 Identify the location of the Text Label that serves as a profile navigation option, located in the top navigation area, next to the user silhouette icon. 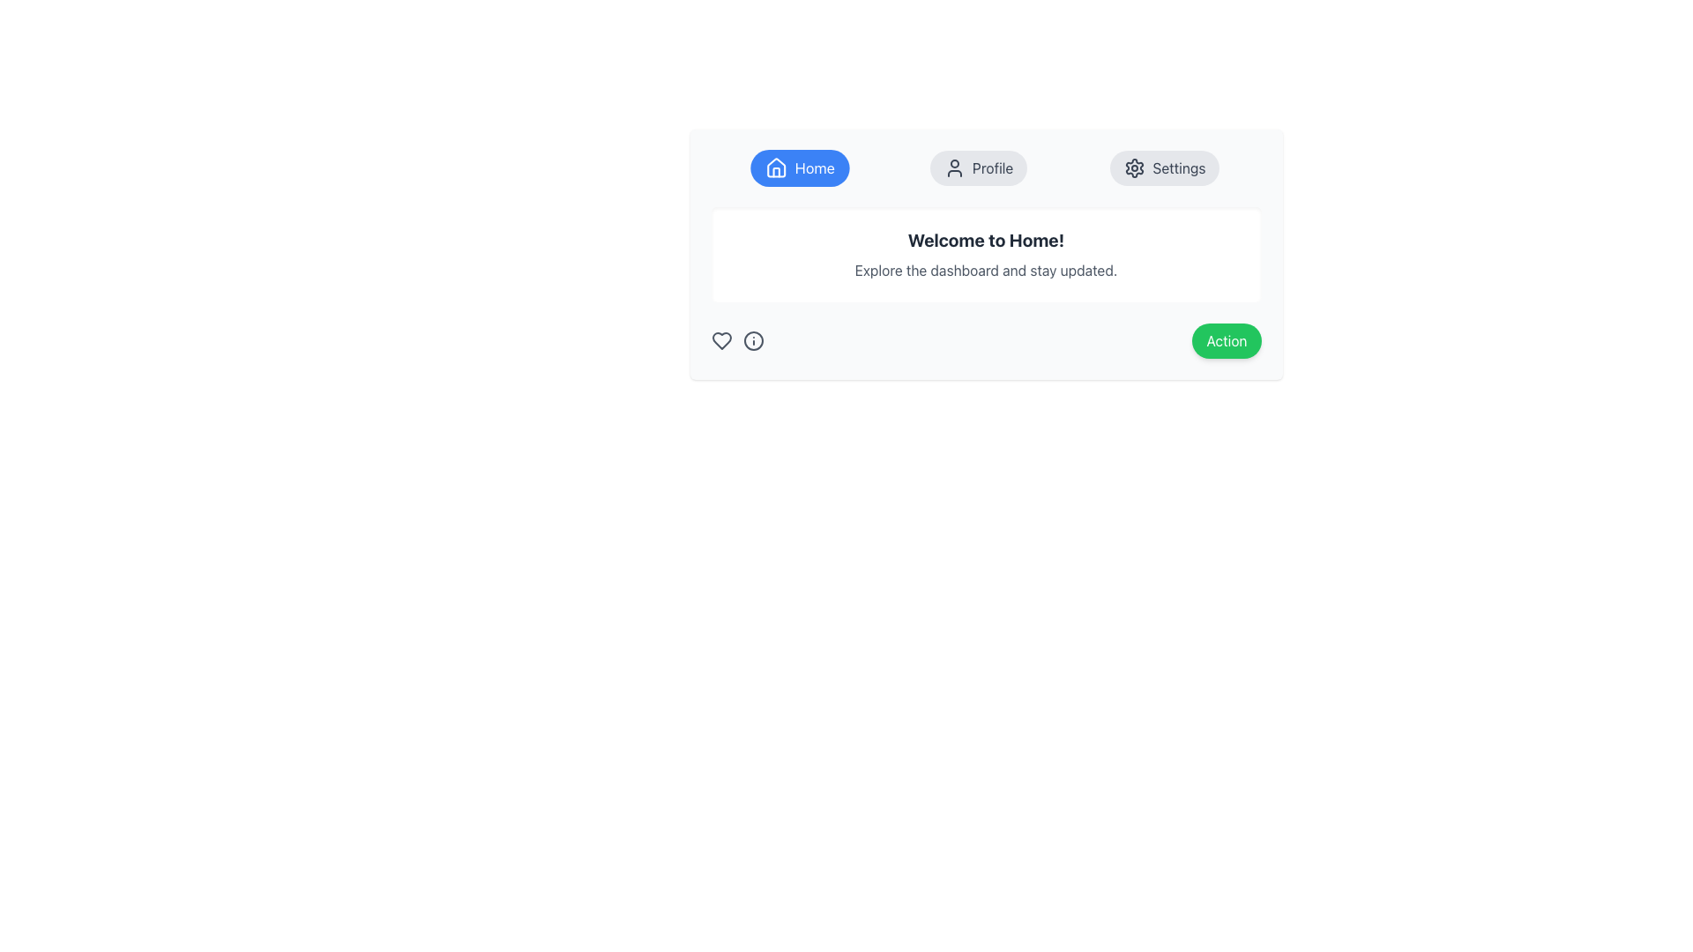
(993, 168).